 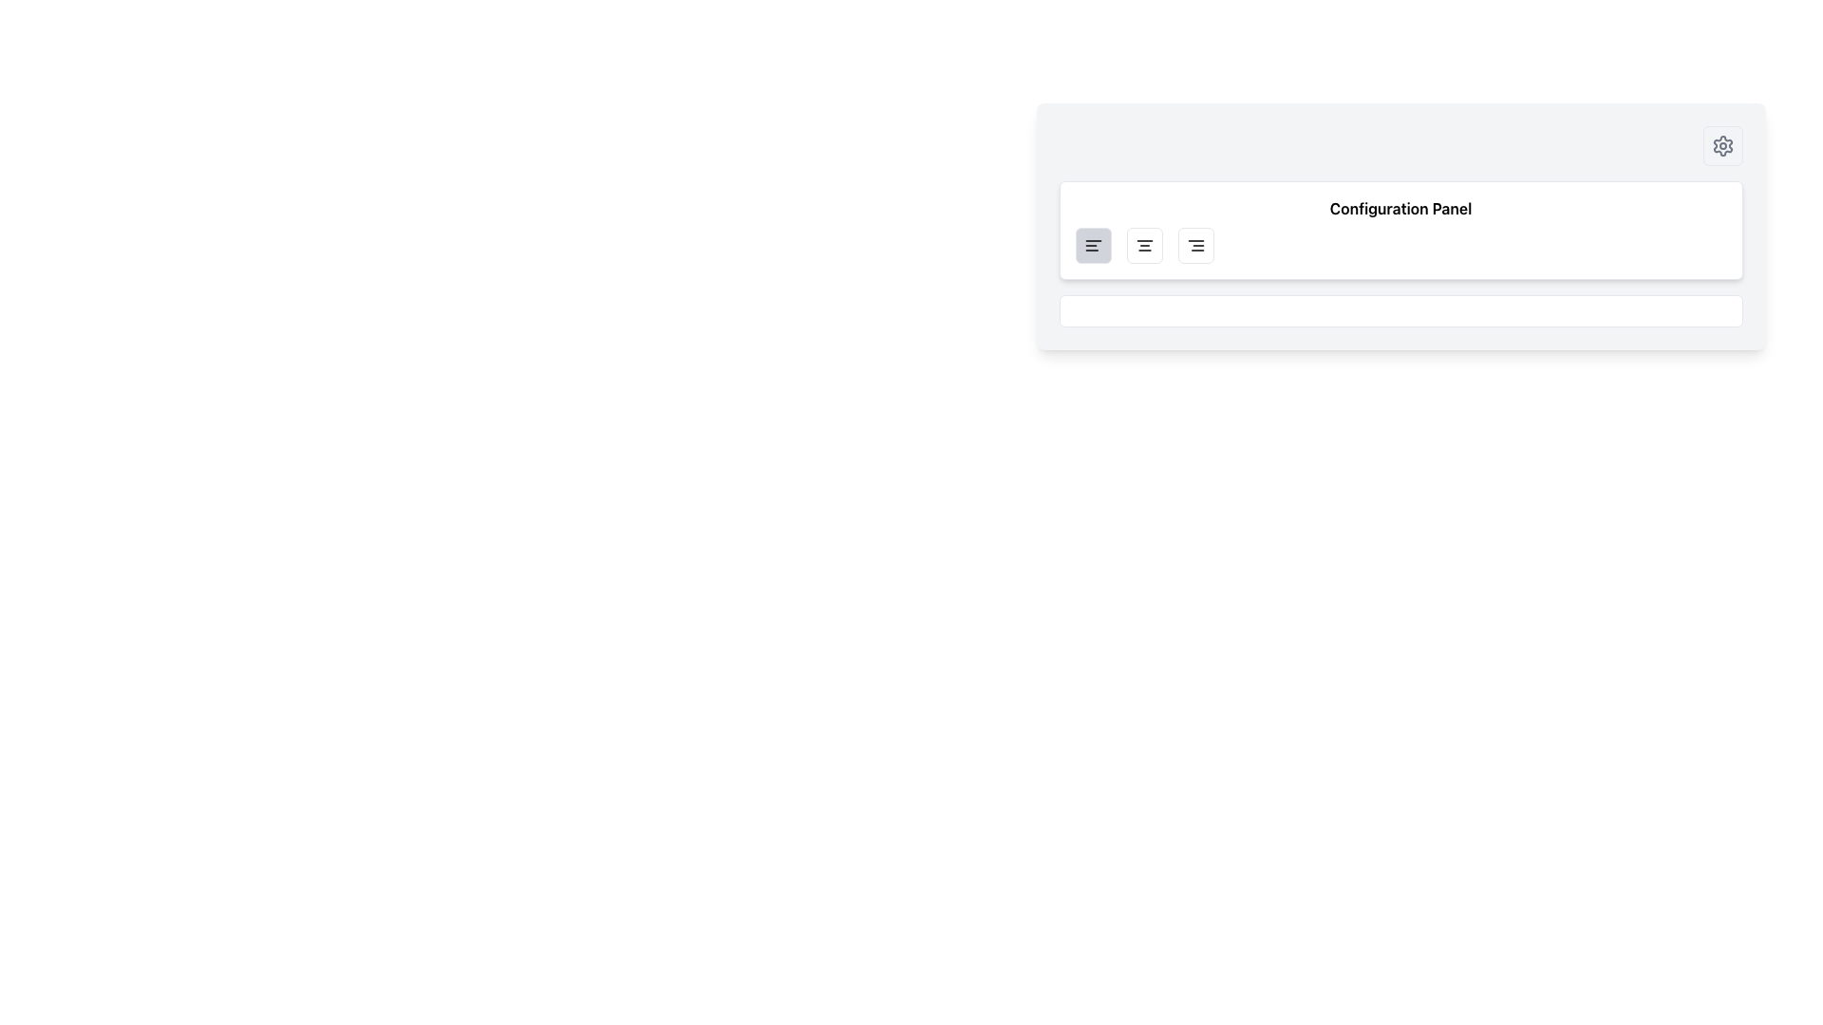 I want to click on the second button in a group of three, which has a square shape with a rounded border and an icon of three horizontal lines, so click(x=1143, y=244).